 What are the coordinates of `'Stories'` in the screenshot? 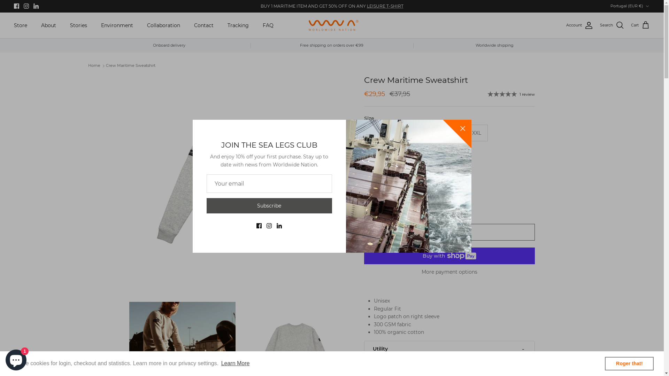 It's located at (78, 25).